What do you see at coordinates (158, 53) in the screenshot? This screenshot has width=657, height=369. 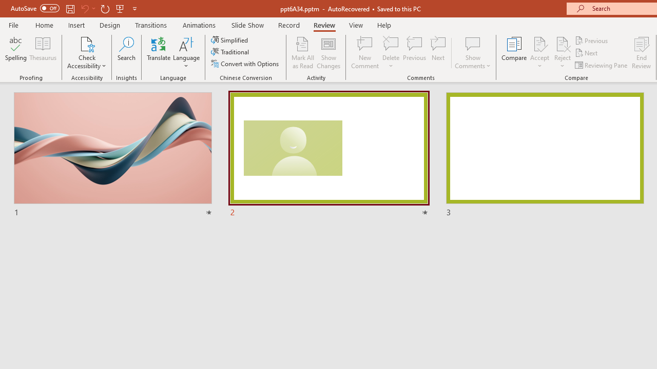 I see `'Translate'` at bounding box center [158, 53].